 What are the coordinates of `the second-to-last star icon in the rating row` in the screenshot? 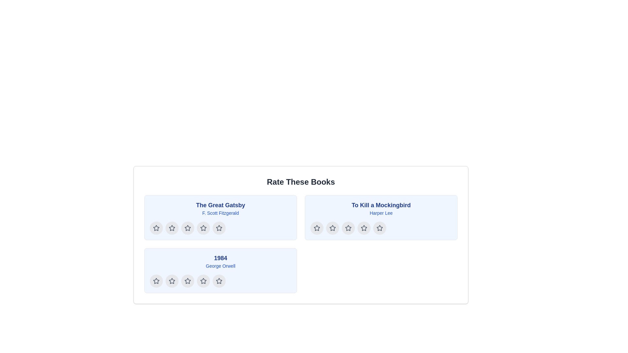 It's located at (219, 280).